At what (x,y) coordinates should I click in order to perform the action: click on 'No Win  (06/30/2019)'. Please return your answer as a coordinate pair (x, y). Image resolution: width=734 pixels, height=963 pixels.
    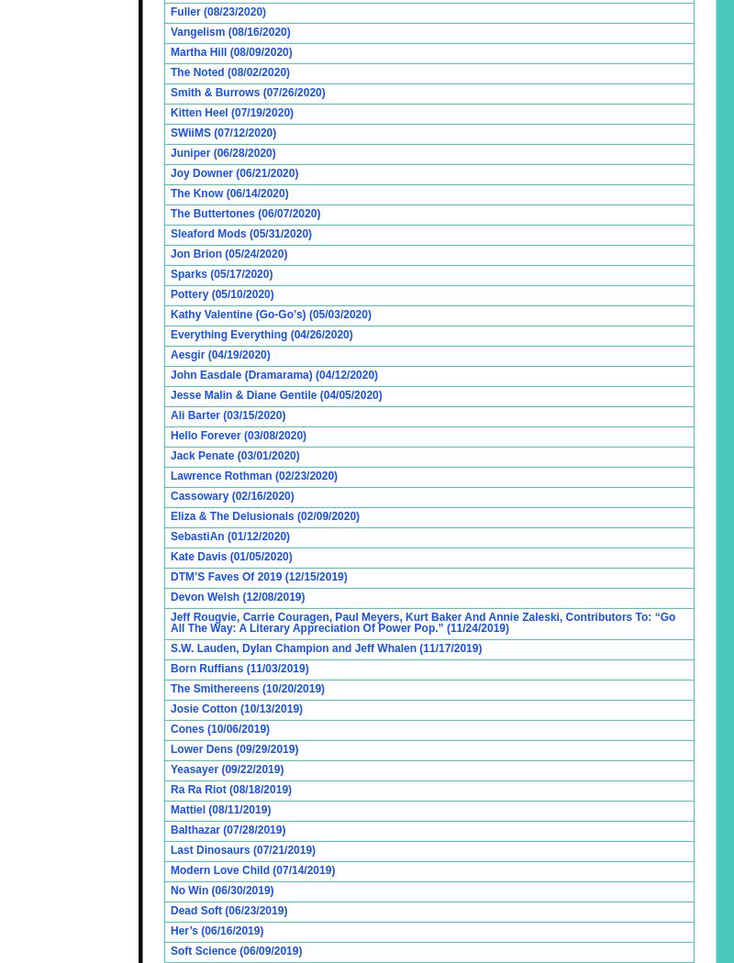
    Looking at the image, I should click on (221, 890).